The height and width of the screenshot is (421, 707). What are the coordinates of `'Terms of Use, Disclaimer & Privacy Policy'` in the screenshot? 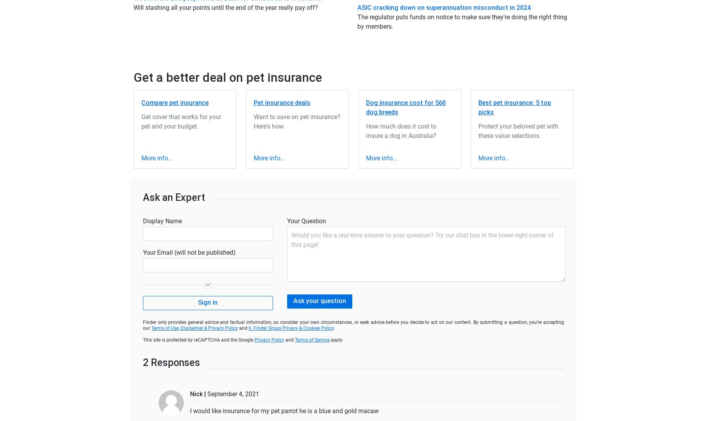 It's located at (194, 327).